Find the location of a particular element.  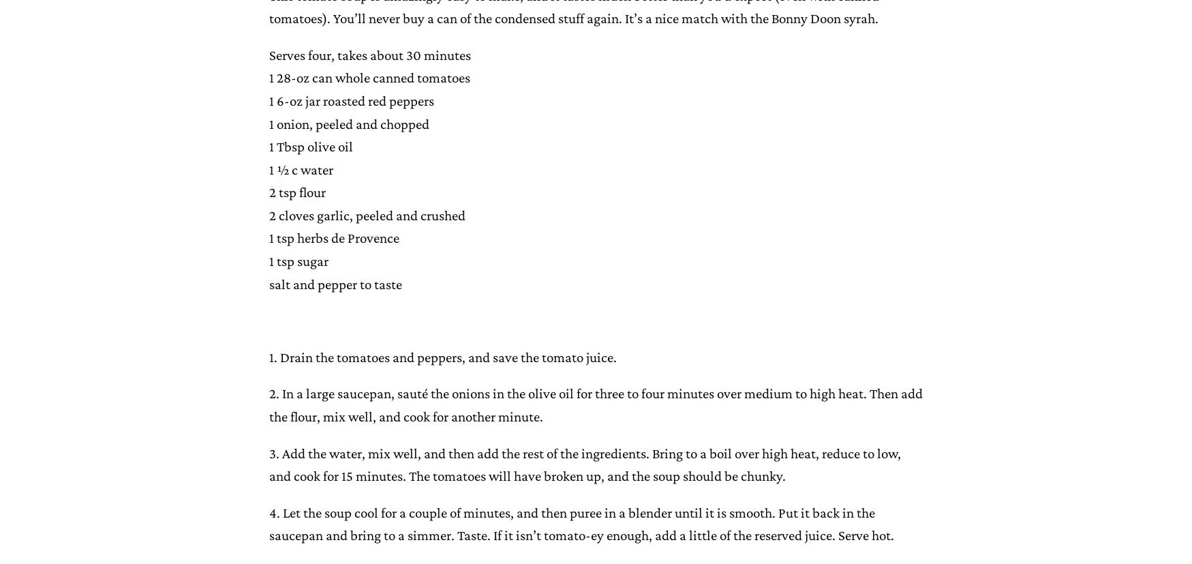

'4. Let the soup cool for a couple of minutes, and then puree in a blender until it is smooth. Put it back in the saucepan and bring to a simmer. Taste. If it isn’t tomato-ey enough, add a little of the reserved juice. Serve hot.' is located at coordinates (269, 524).